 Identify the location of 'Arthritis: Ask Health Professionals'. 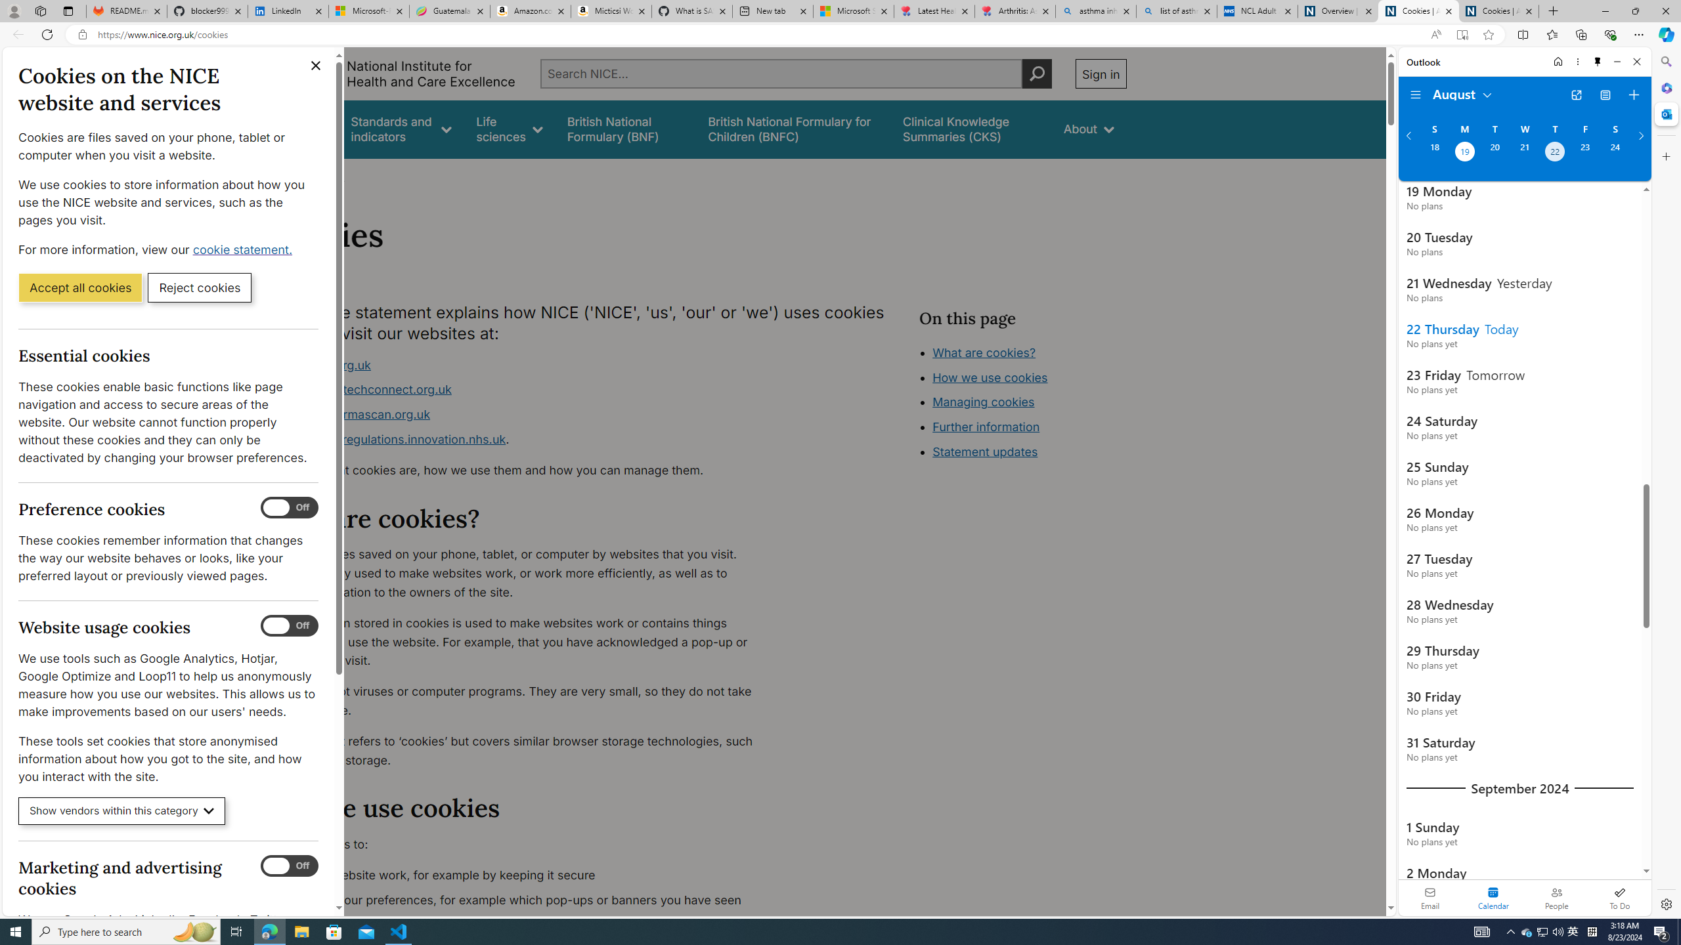
(1015, 10).